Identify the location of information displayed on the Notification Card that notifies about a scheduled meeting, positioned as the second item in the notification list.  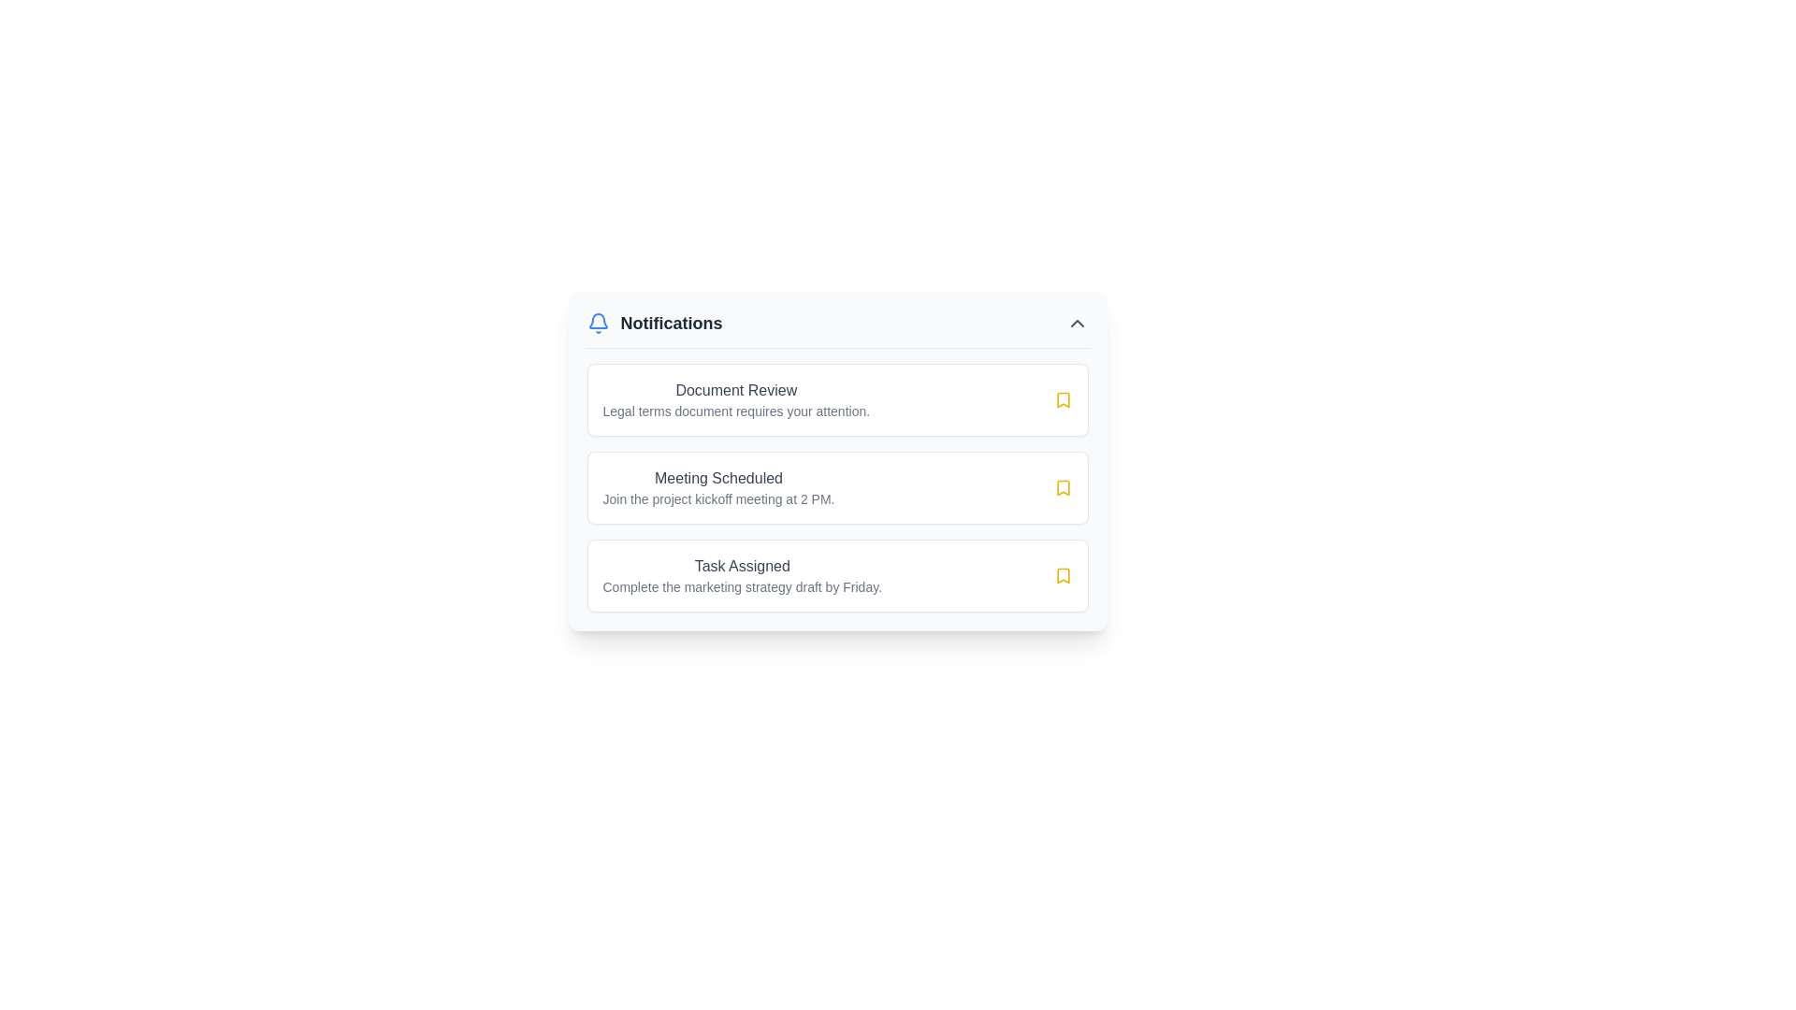
(717, 486).